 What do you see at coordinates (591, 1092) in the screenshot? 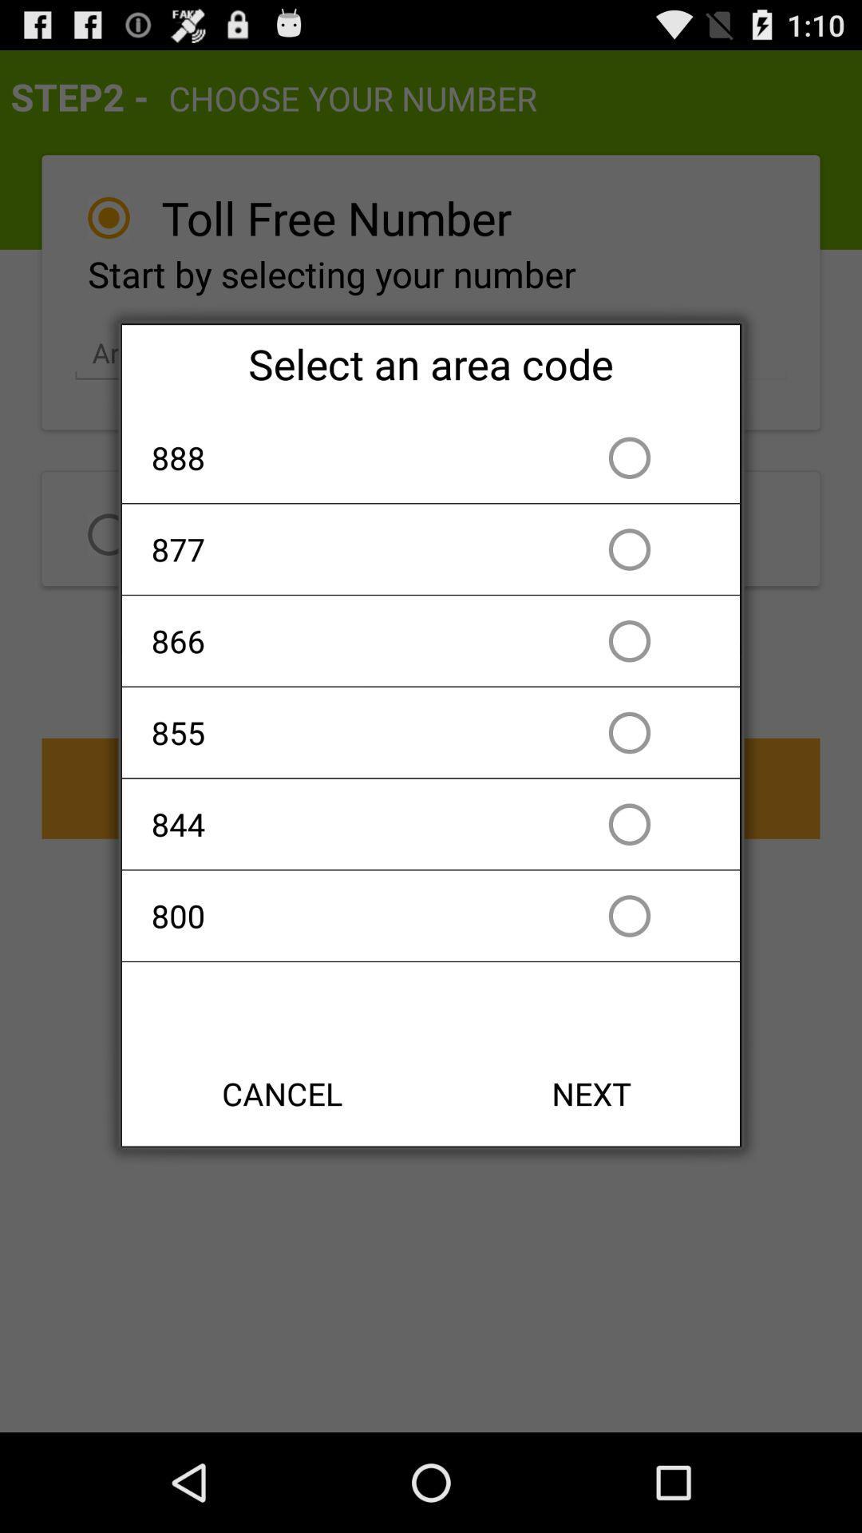
I see `the item to the right of cancel item` at bounding box center [591, 1092].